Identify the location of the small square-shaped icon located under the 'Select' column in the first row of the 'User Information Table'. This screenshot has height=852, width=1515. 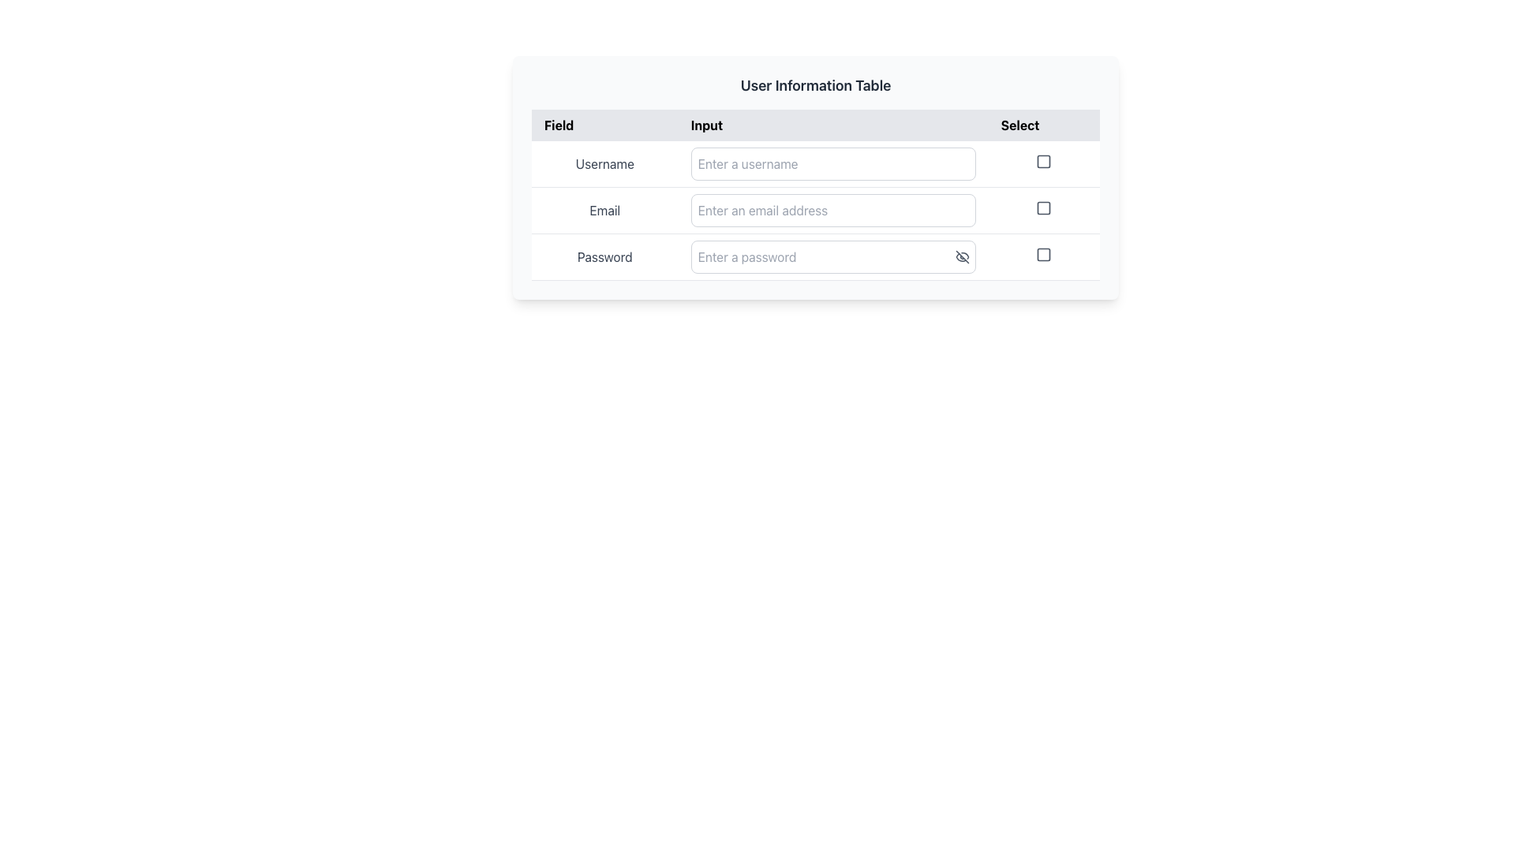
(1044, 164).